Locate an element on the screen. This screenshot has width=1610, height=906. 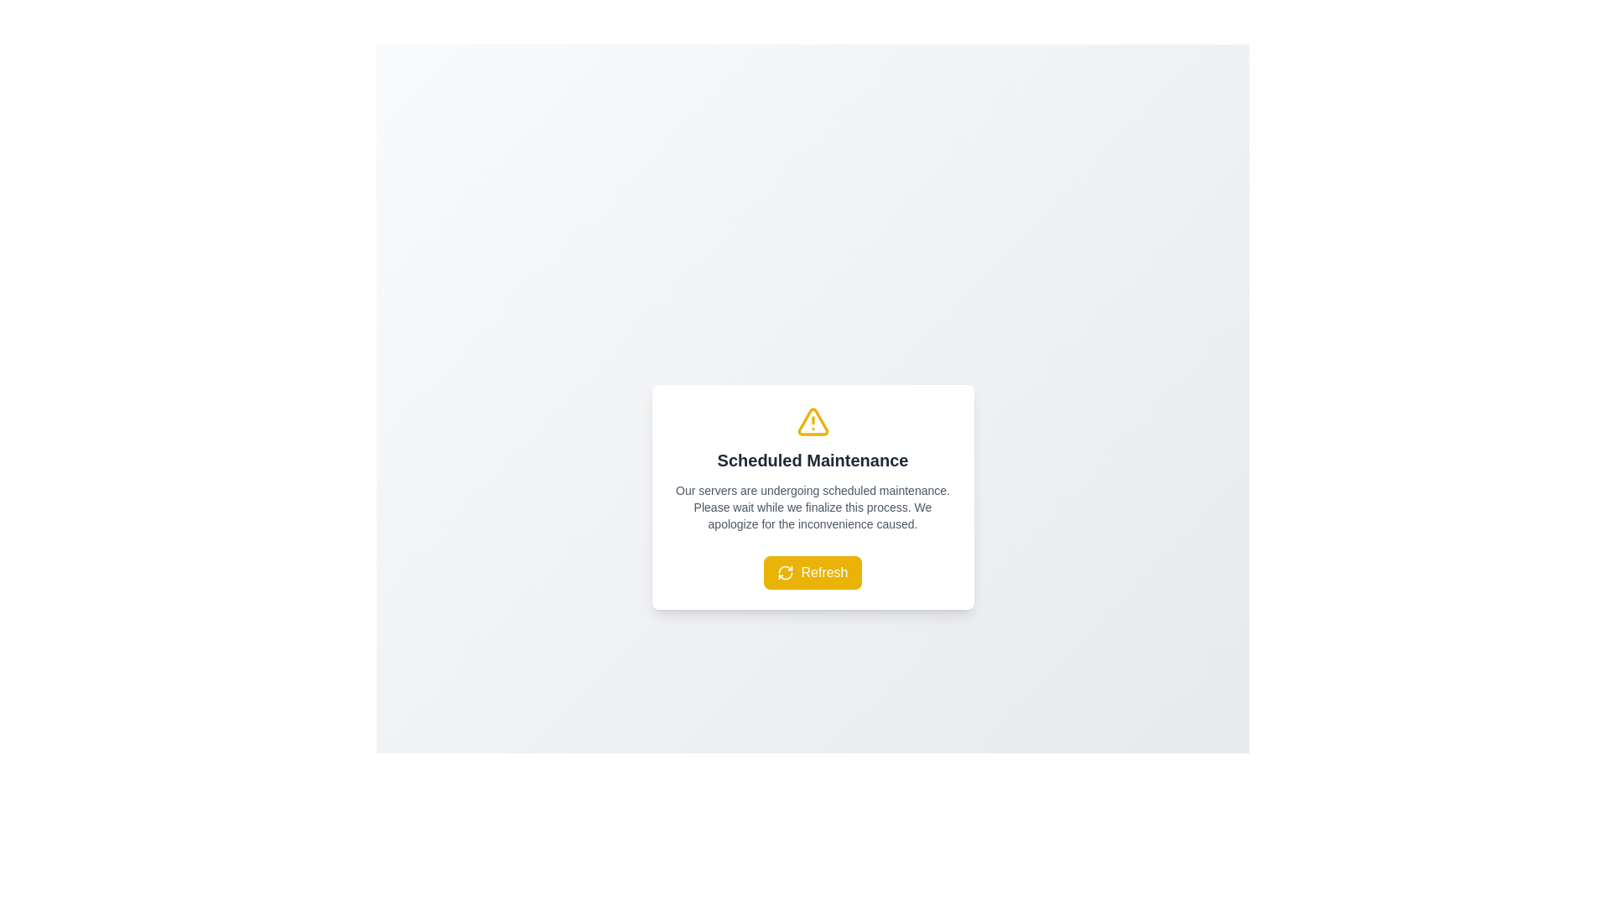
the text block that displays the message about server maintenance, which is styled in a small gray font and centered below the title 'Scheduled Maintenance' is located at coordinates (813, 507).